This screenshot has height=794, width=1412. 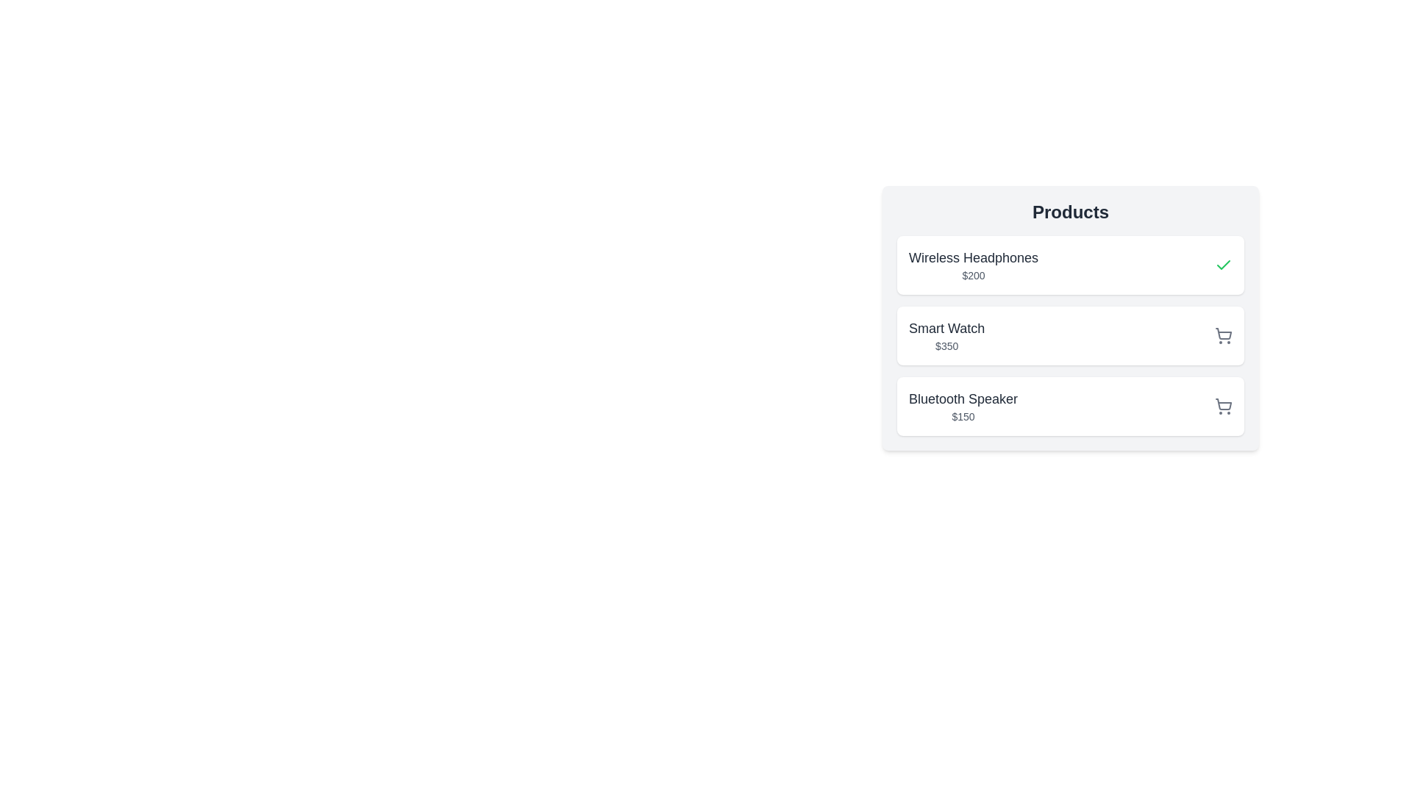 I want to click on the status icon in the top-right corner of the 'Wireless Headphones' card to check its selection or completion status, so click(x=1224, y=265).